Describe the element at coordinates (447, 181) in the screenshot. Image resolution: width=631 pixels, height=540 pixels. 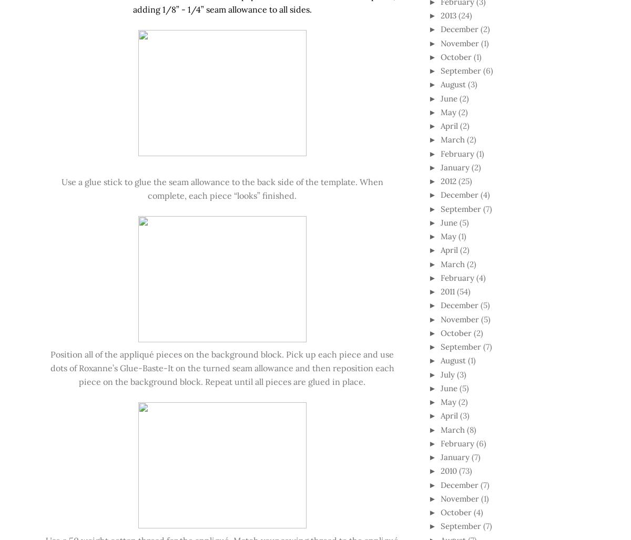
I see `'2012'` at that location.